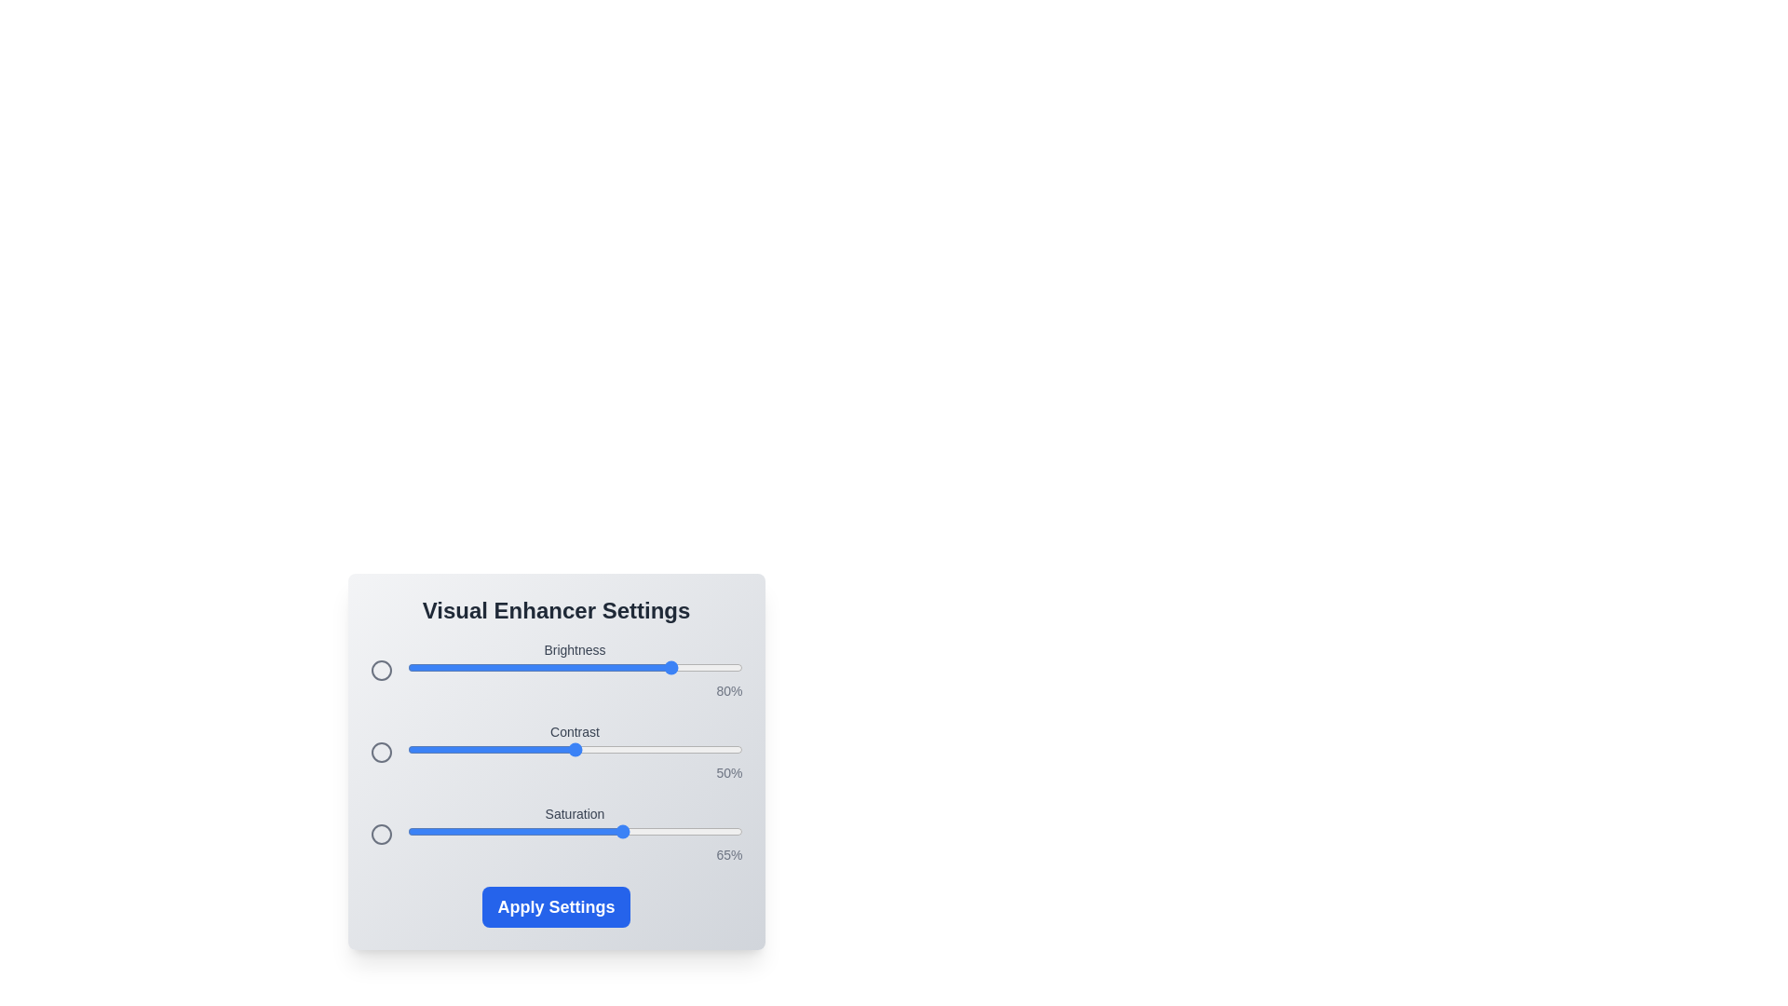 The height and width of the screenshot is (1006, 1788). I want to click on the 0 slider to 34%, so click(521, 667).